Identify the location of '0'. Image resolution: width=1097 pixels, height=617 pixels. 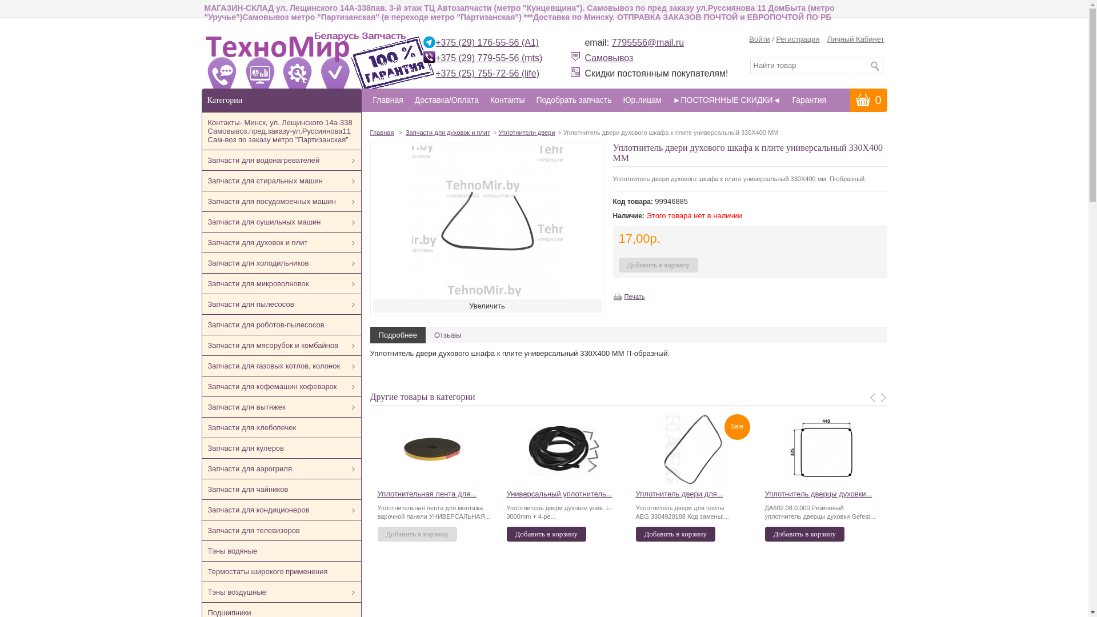
(868, 99).